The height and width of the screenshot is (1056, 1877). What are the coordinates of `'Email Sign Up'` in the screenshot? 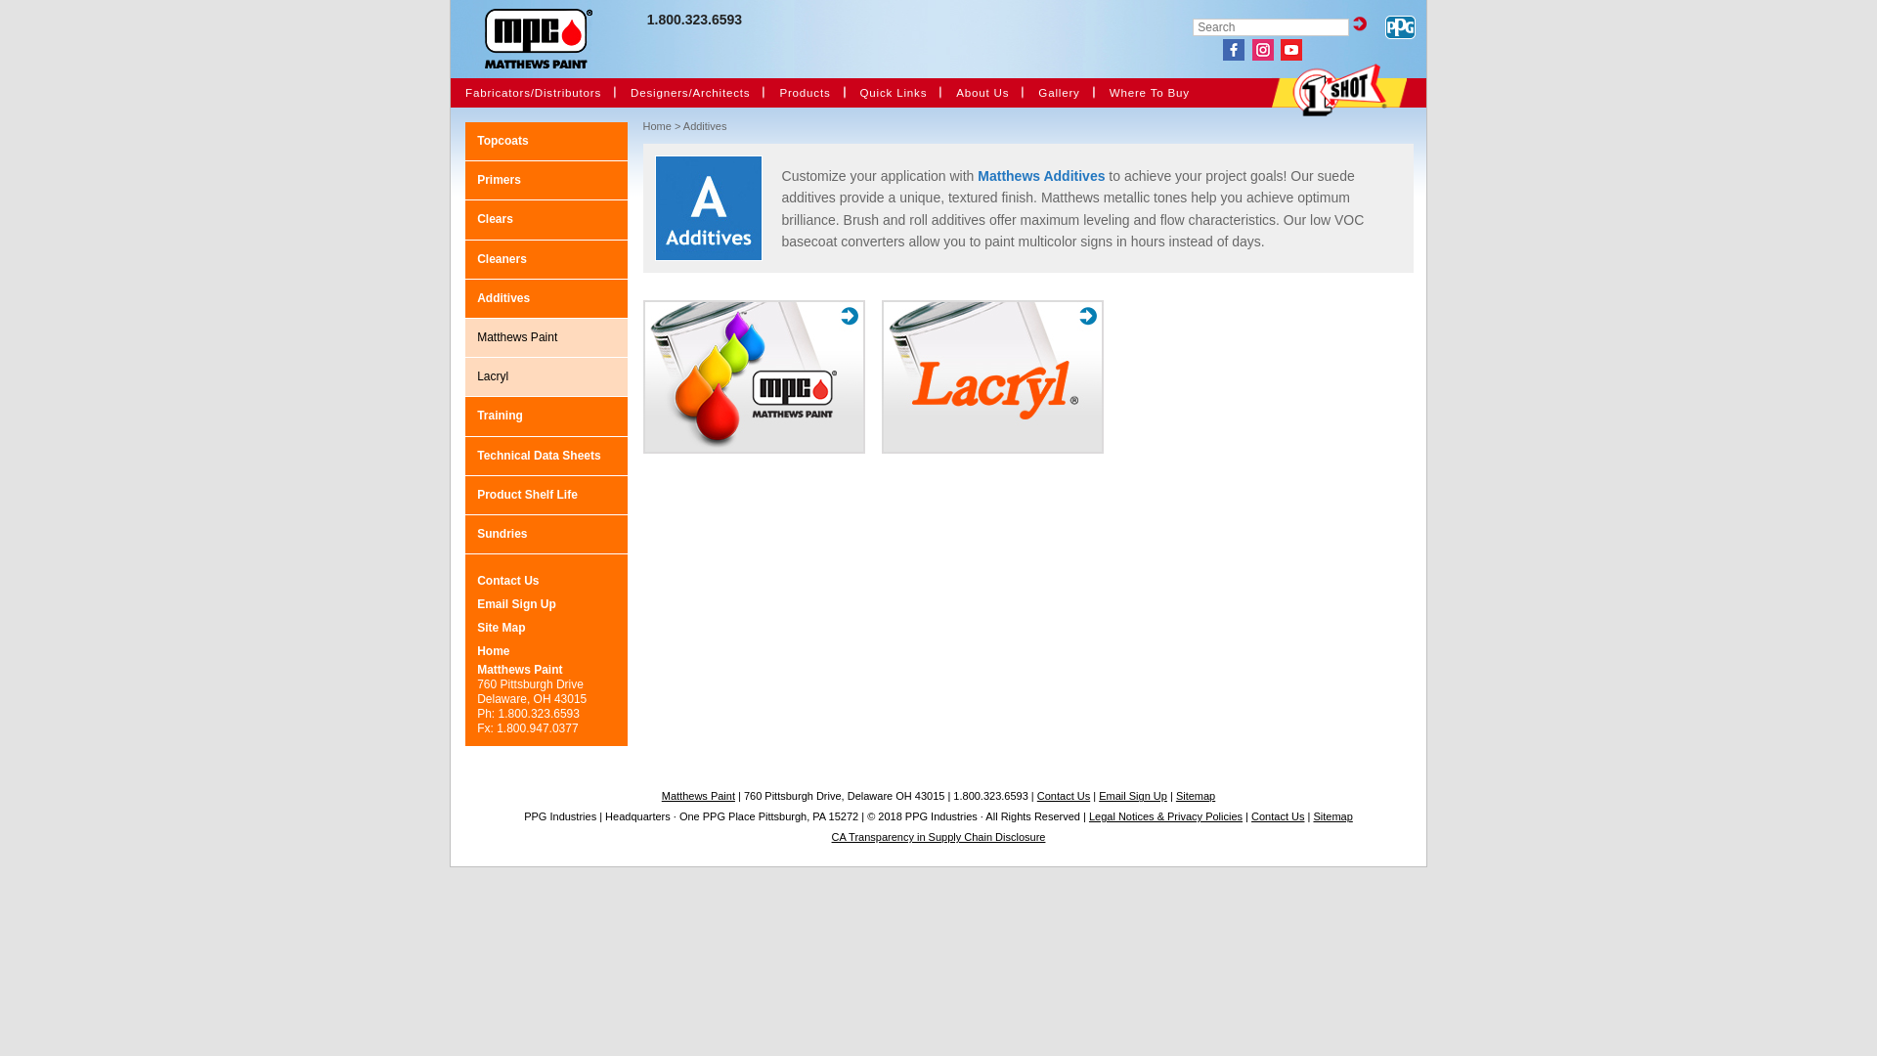 It's located at (1134, 795).